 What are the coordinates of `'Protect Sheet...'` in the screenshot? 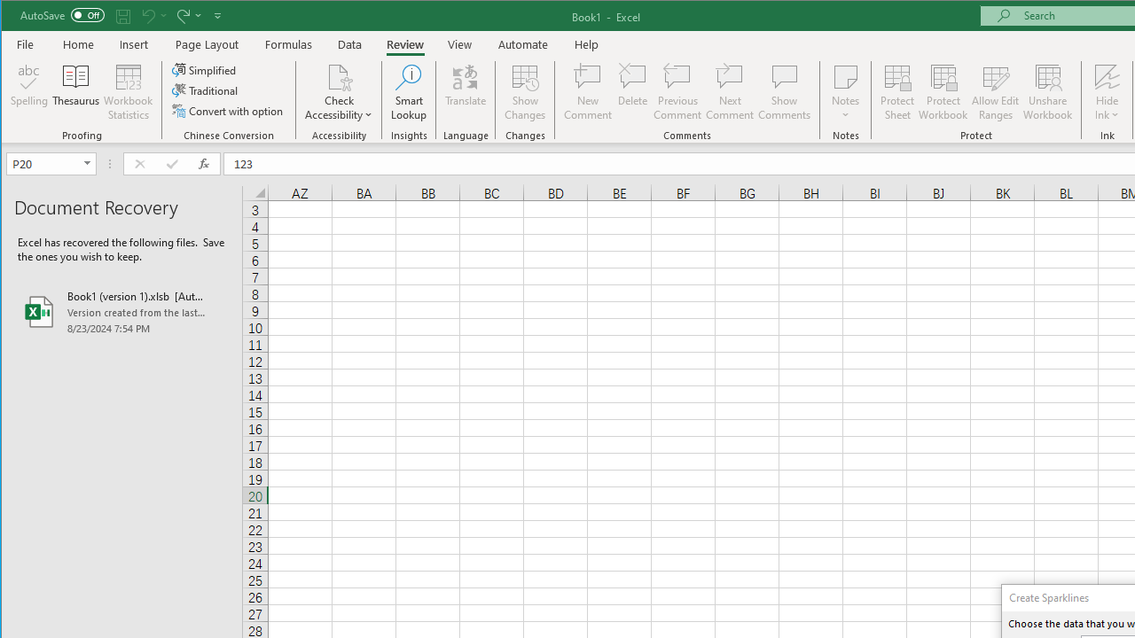 It's located at (897, 92).